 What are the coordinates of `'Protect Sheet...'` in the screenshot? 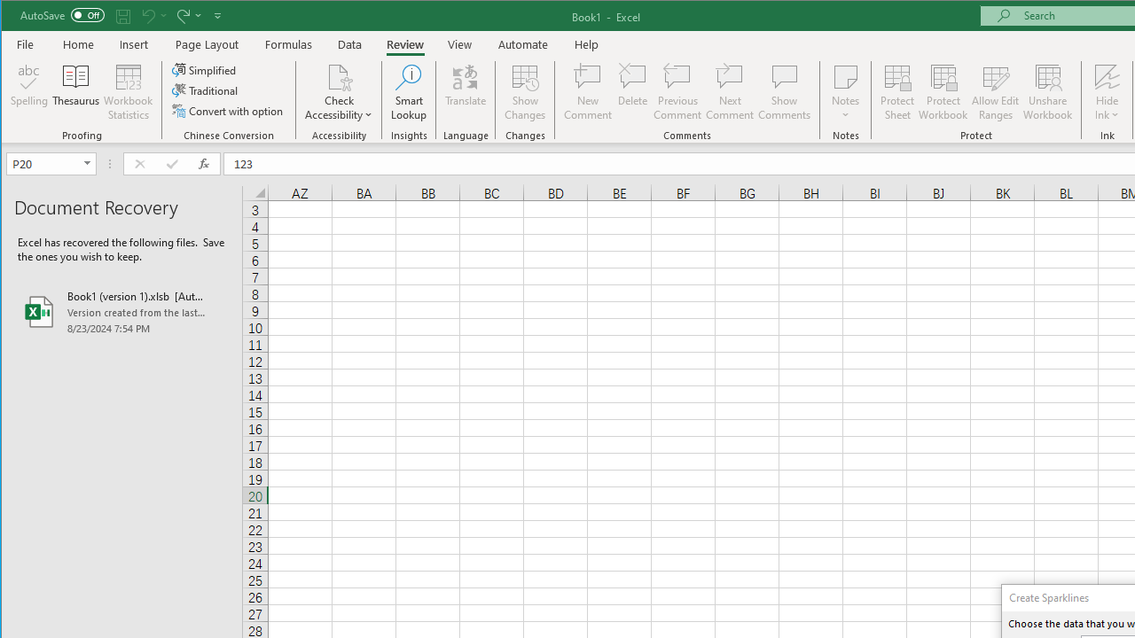 It's located at (897, 92).